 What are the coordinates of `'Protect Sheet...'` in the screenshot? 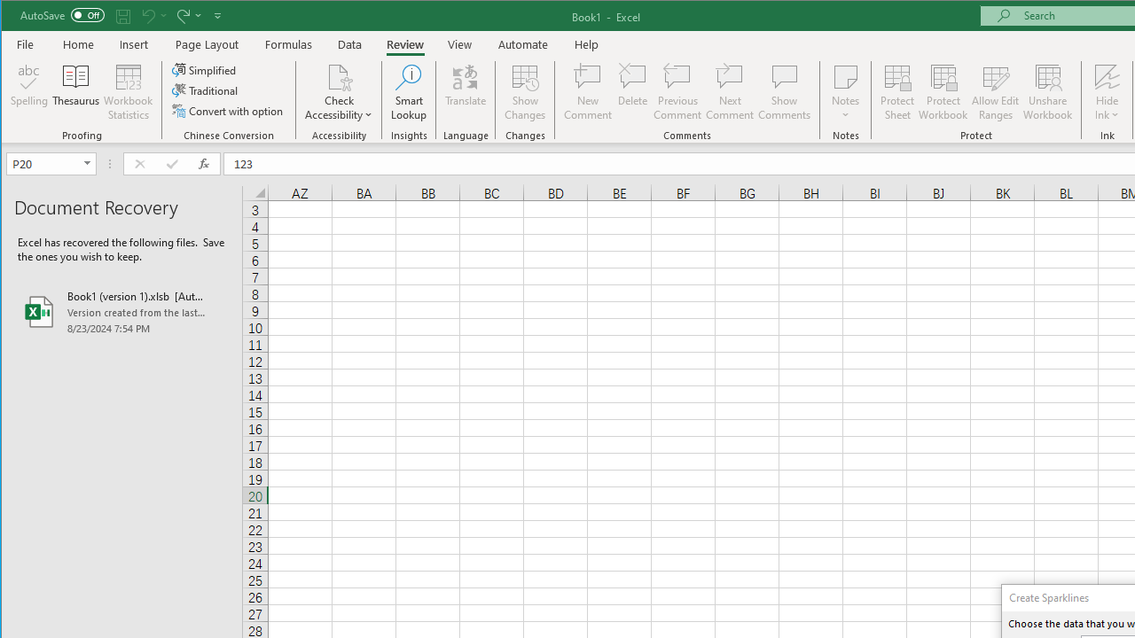 It's located at (897, 92).